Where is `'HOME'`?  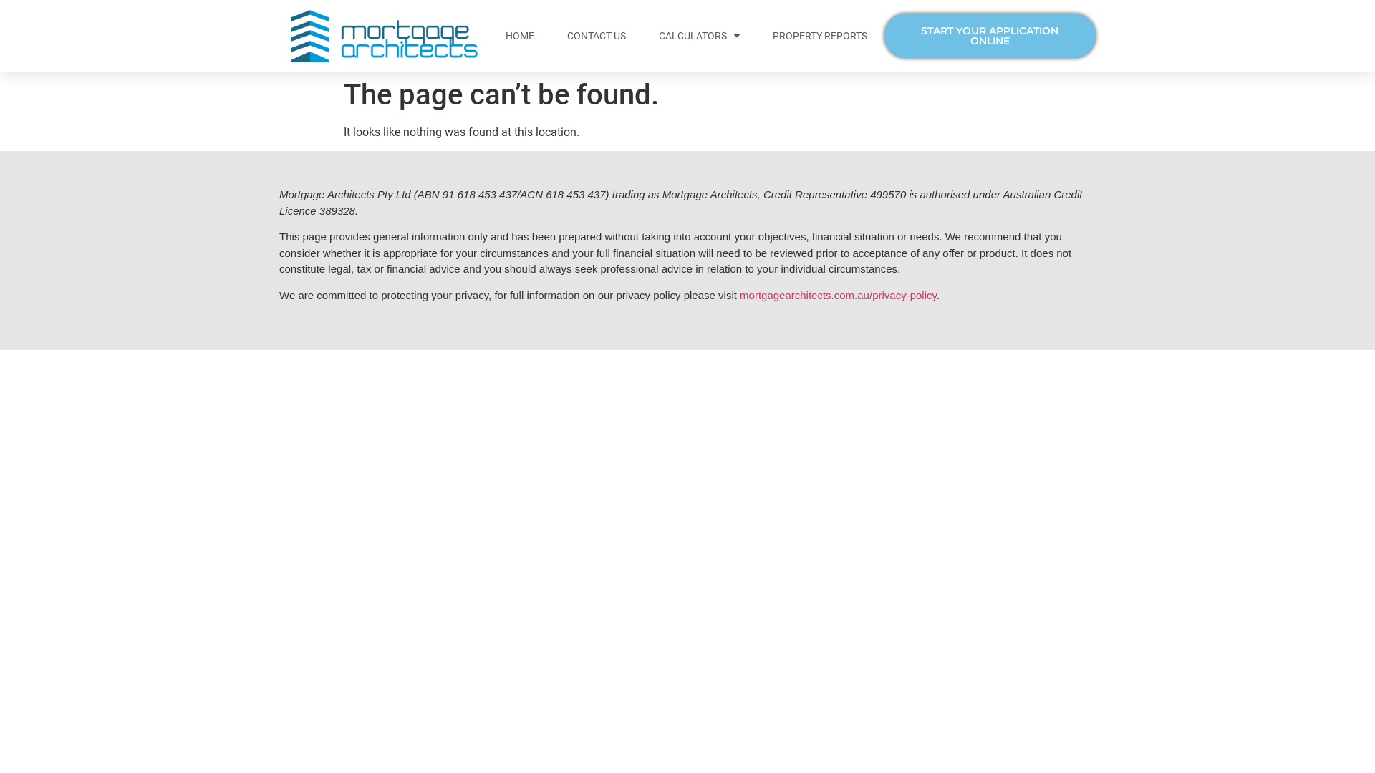
'HOME' is located at coordinates (518, 35).